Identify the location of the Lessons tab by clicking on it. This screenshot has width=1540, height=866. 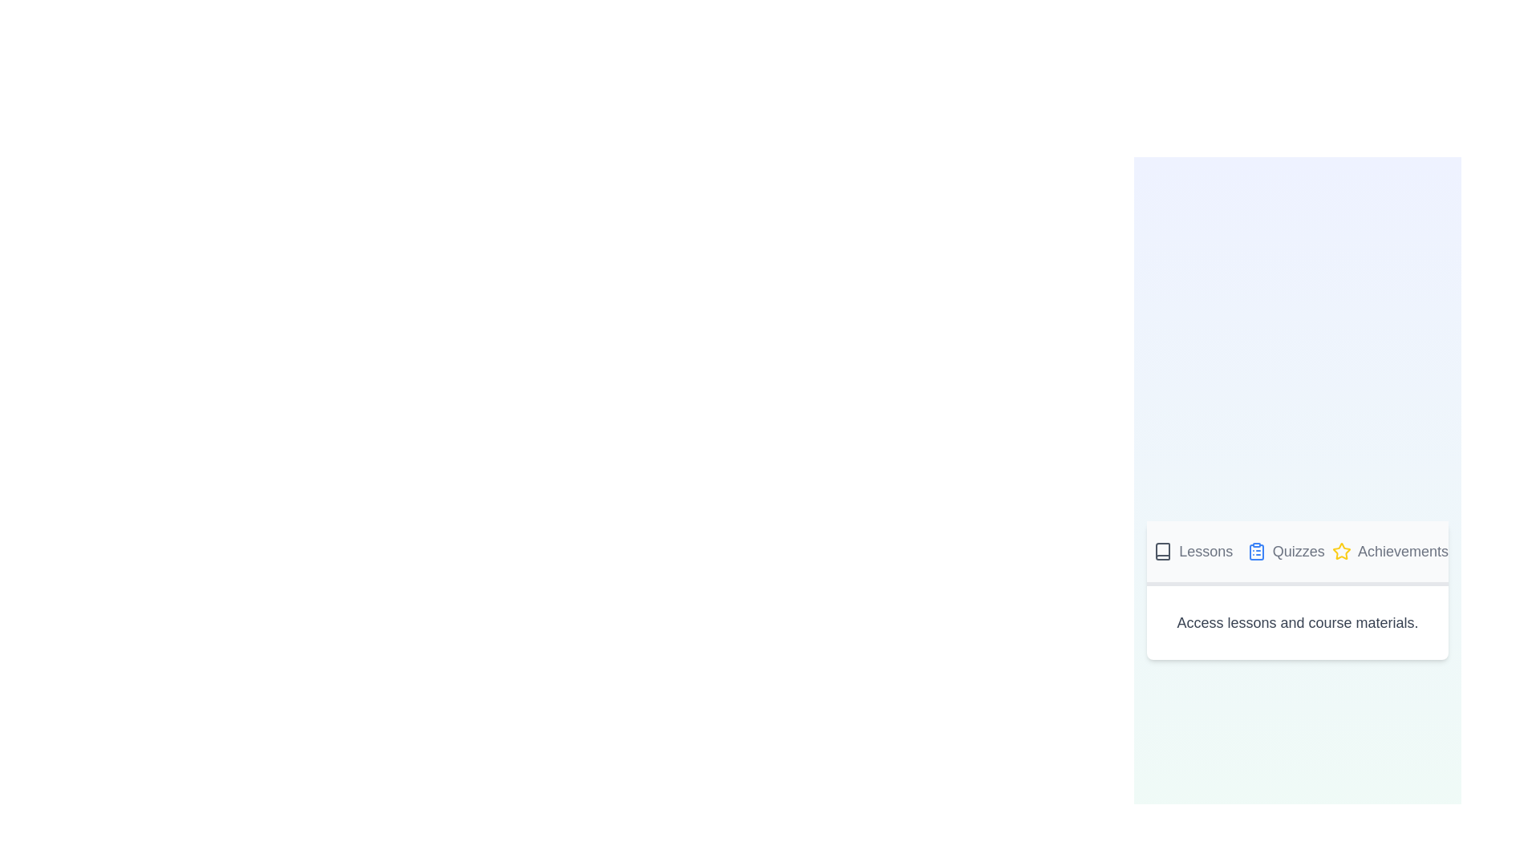
(1193, 552).